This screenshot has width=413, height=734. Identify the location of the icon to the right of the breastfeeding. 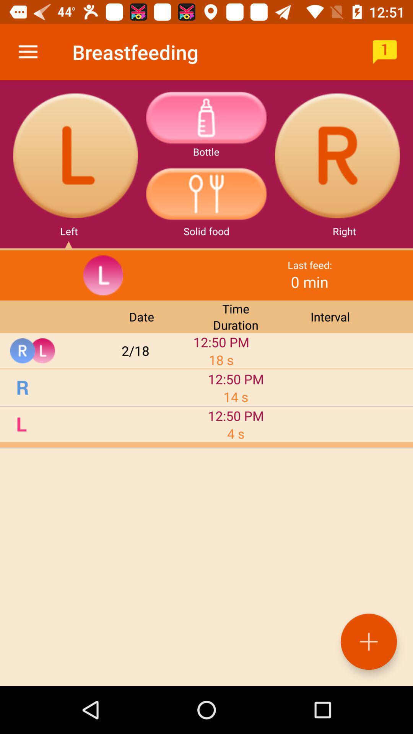
(385, 52).